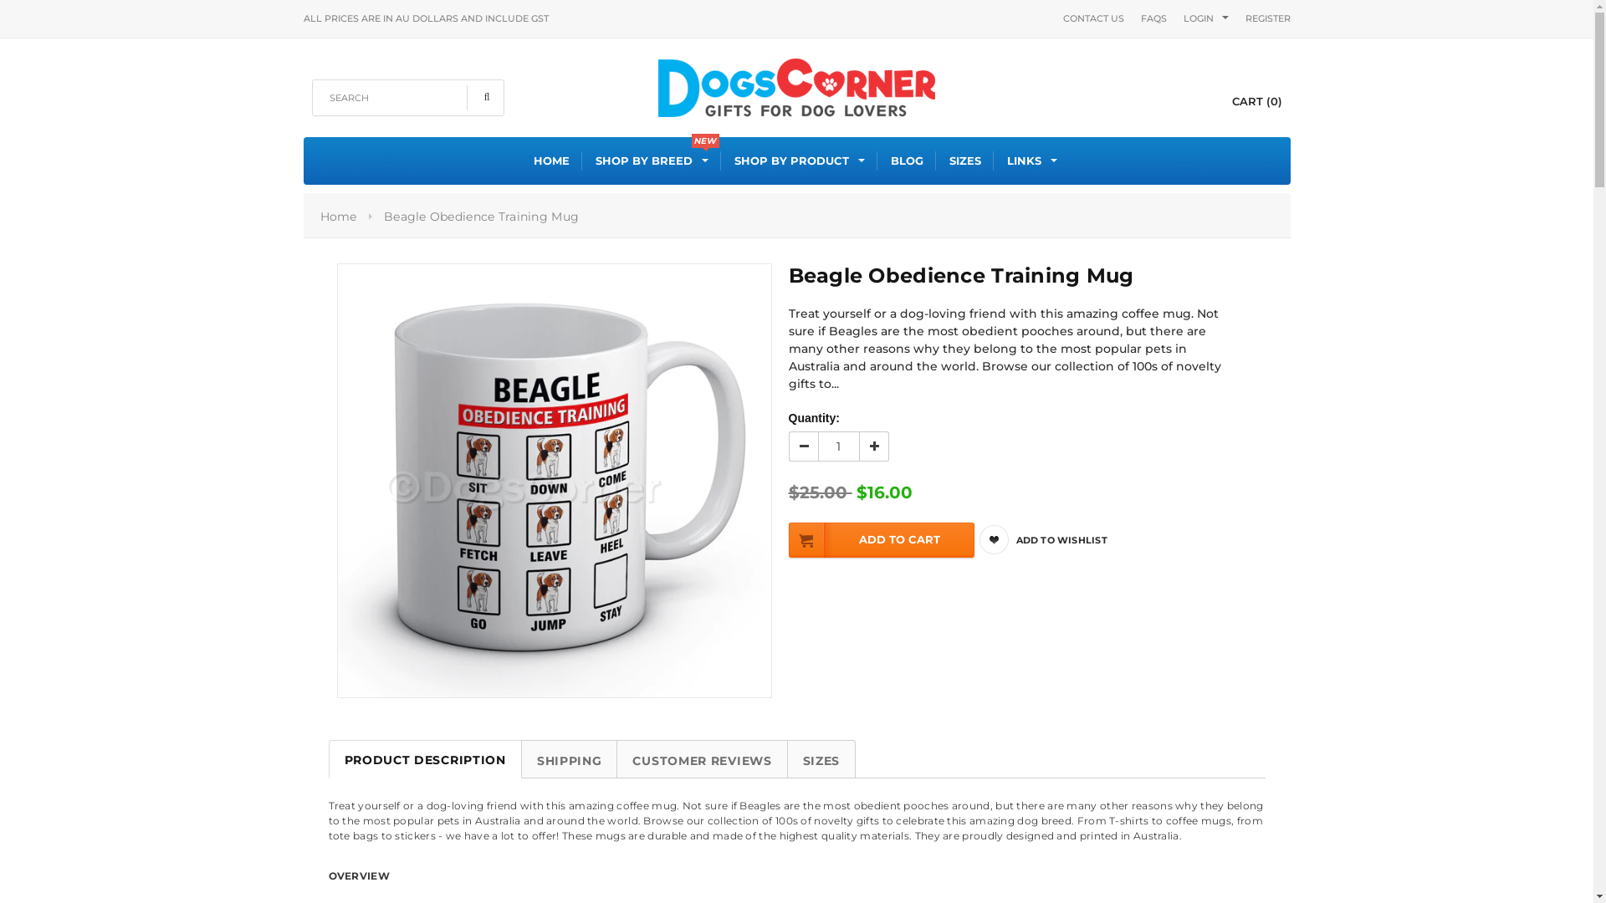  I want to click on 'PRODUCT DESCRIPTION', so click(424, 758).